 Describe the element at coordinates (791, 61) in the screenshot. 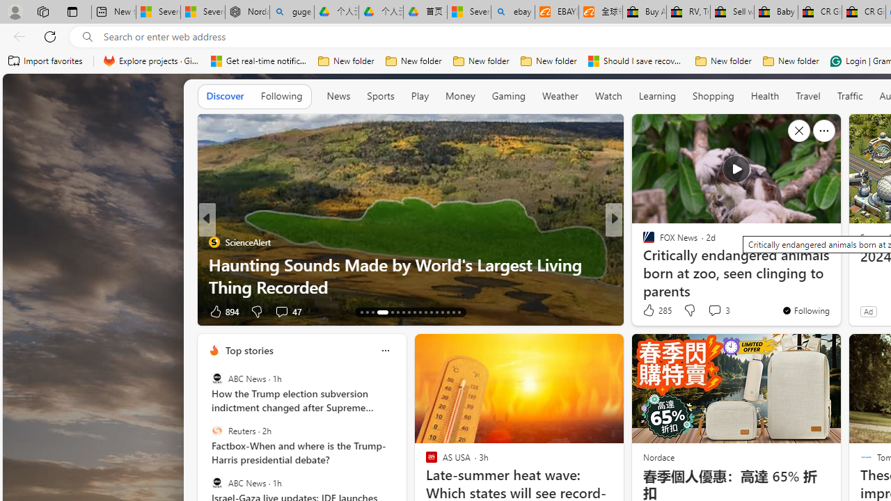

I see `'New folder'` at that location.